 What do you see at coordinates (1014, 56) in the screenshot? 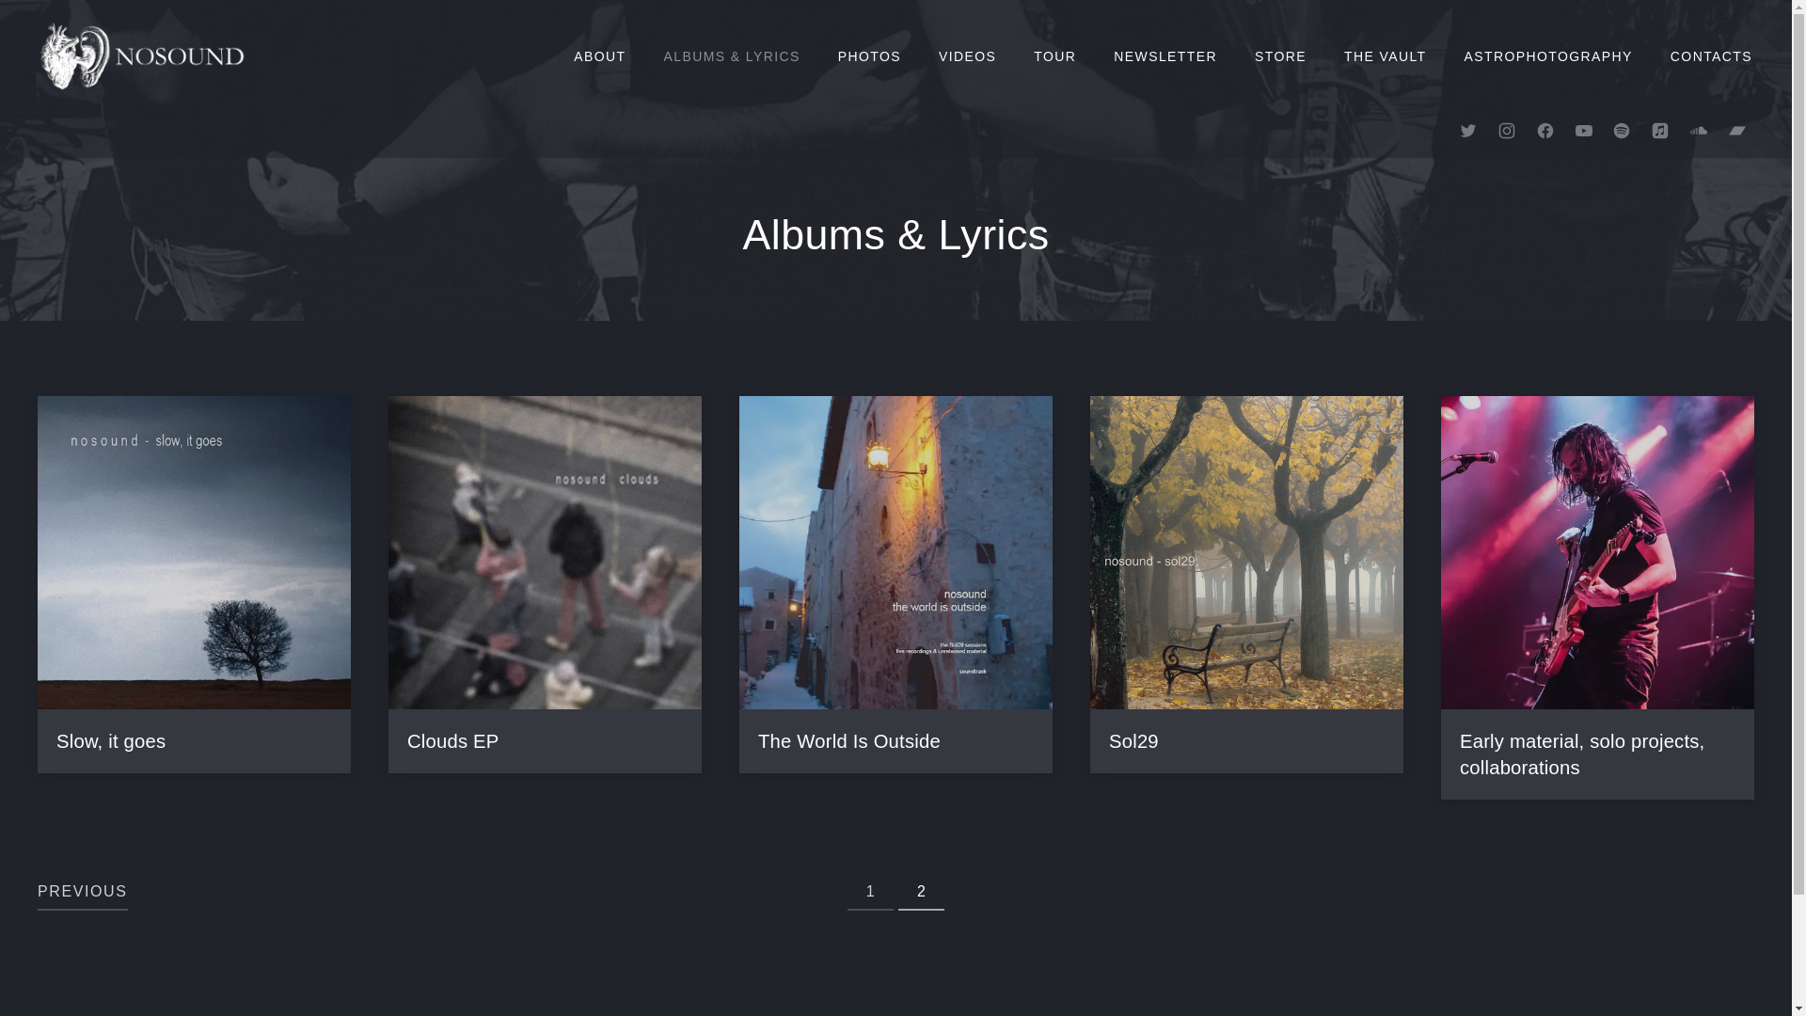
I see `'TOUR'` at bounding box center [1014, 56].